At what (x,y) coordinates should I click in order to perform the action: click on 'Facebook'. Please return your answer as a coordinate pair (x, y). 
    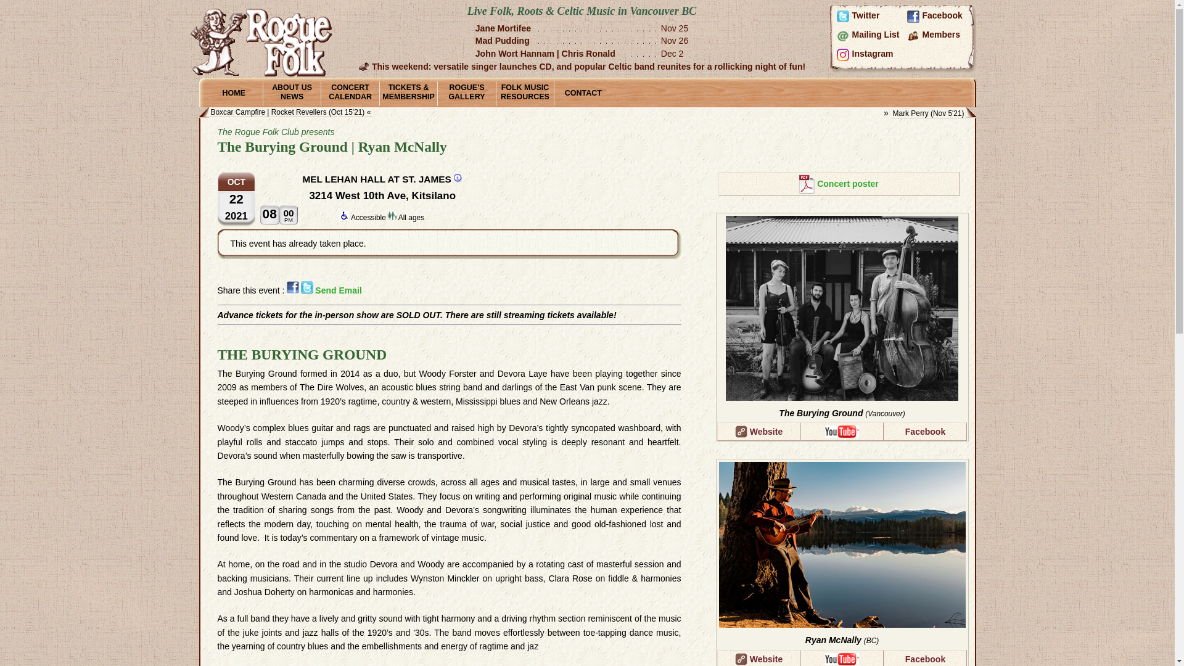
    Looking at the image, I should click on (940, 16).